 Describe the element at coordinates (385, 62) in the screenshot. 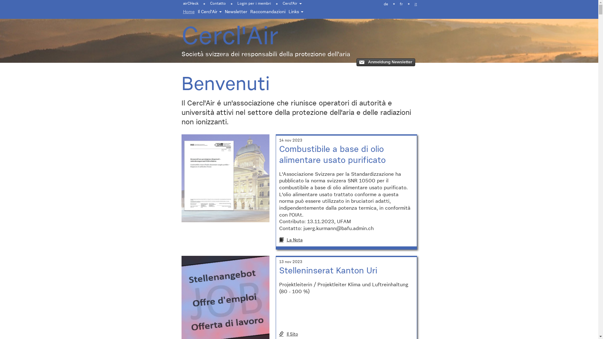

I see `'Preview'` at that location.